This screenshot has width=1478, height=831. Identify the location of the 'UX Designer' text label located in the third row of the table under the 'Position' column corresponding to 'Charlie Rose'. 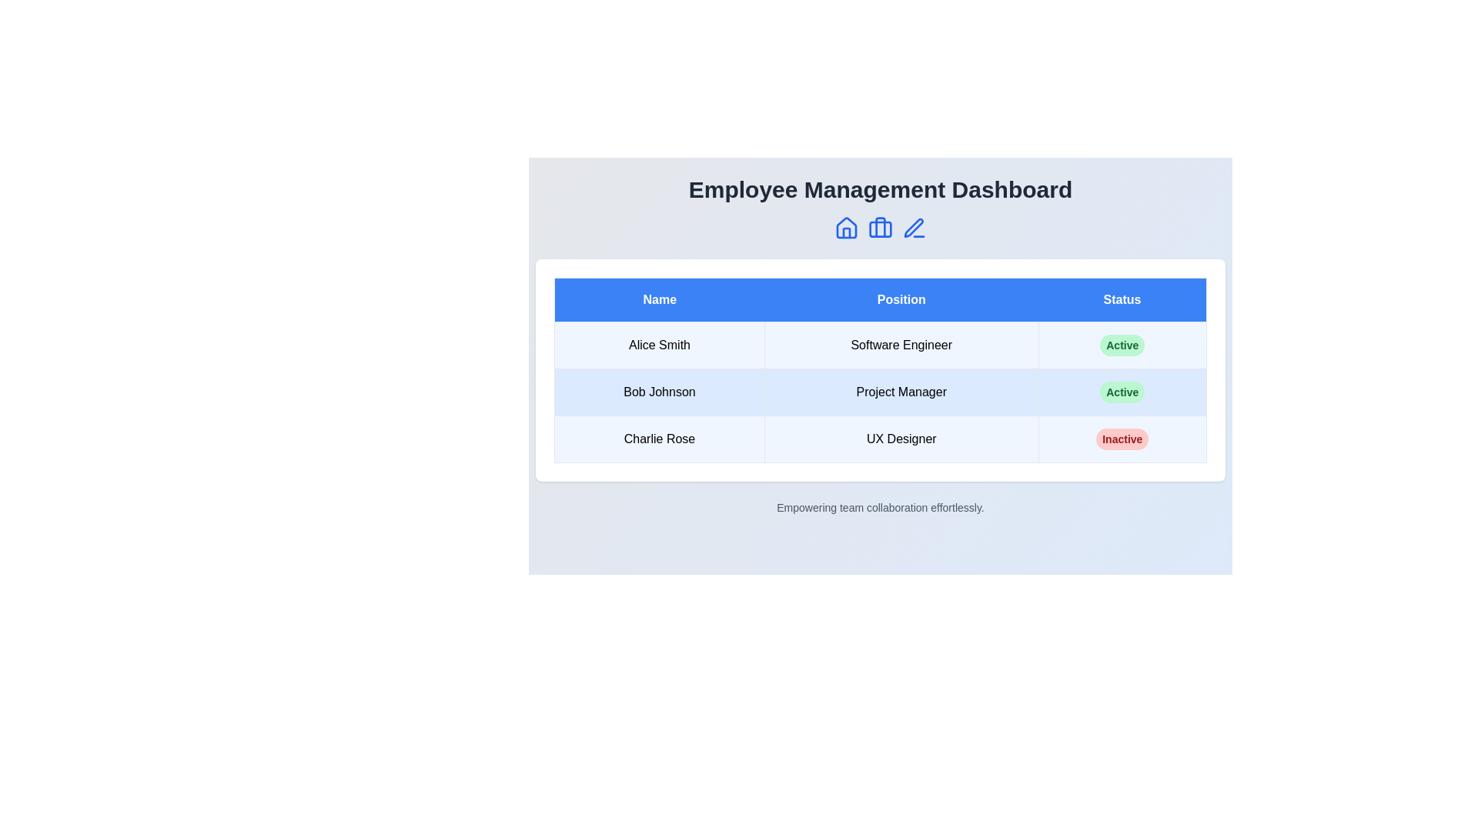
(901, 439).